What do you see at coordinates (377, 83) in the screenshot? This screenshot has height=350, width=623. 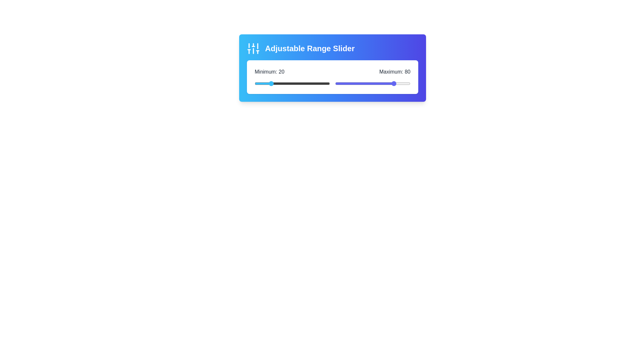 I see `the slider` at bounding box center [377, 83].